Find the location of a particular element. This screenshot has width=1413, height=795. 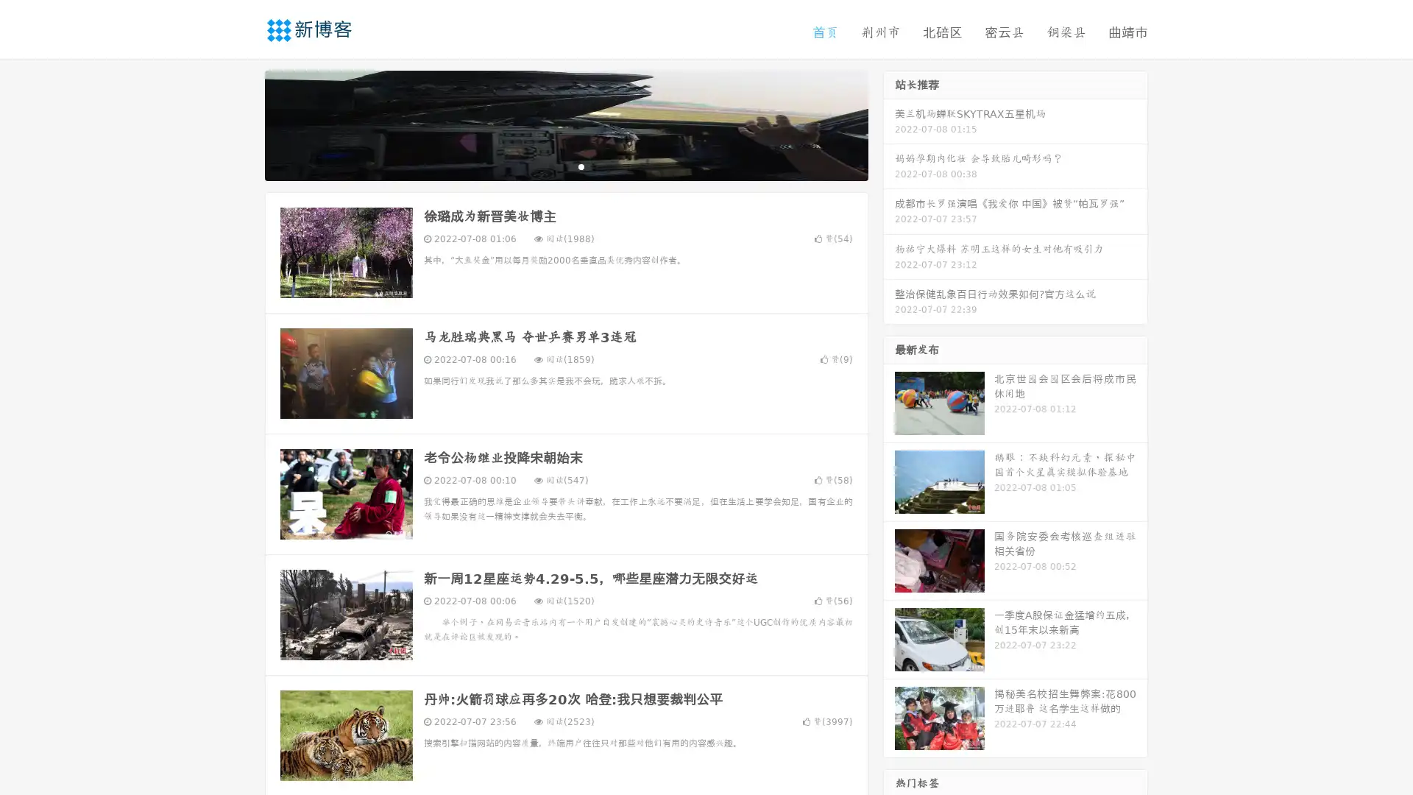

Go to slide 2 is located at coordinates (565, 166).